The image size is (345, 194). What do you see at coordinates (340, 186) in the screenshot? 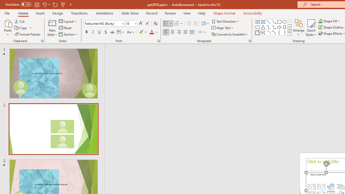
I see `'Insert a SmartArt Graphic'` at bounding box center [340, 186].